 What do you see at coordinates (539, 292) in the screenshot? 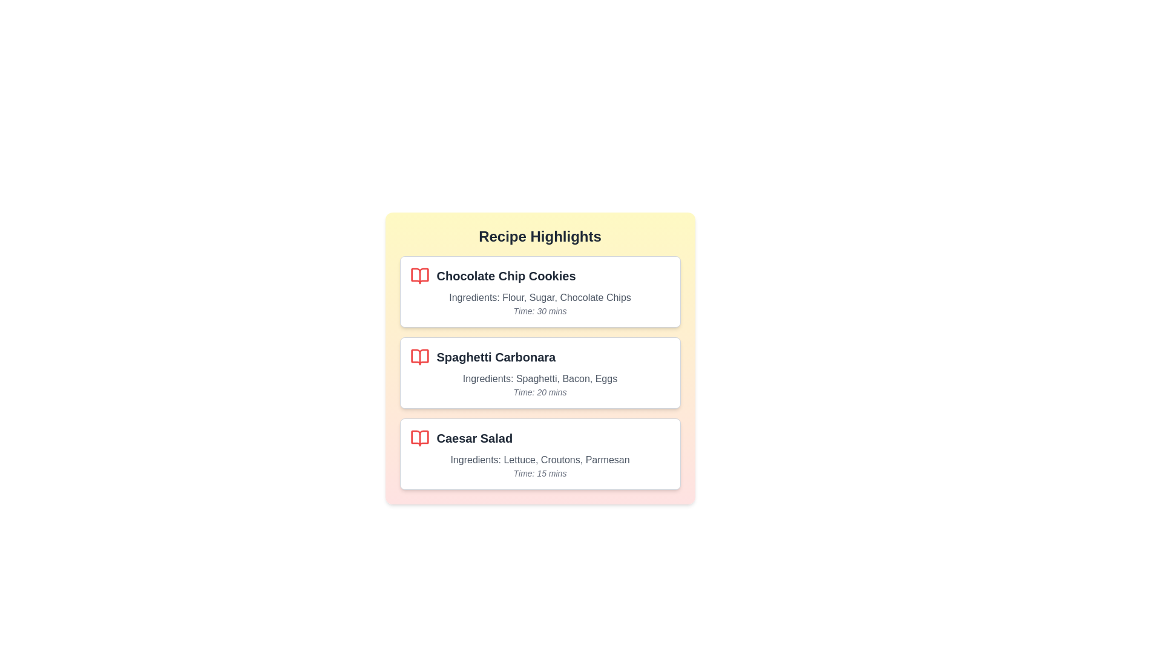
I see `the recipe card corresponding to Chocolate Chip Cookies to highlight it` at bounding box center [539, 292].